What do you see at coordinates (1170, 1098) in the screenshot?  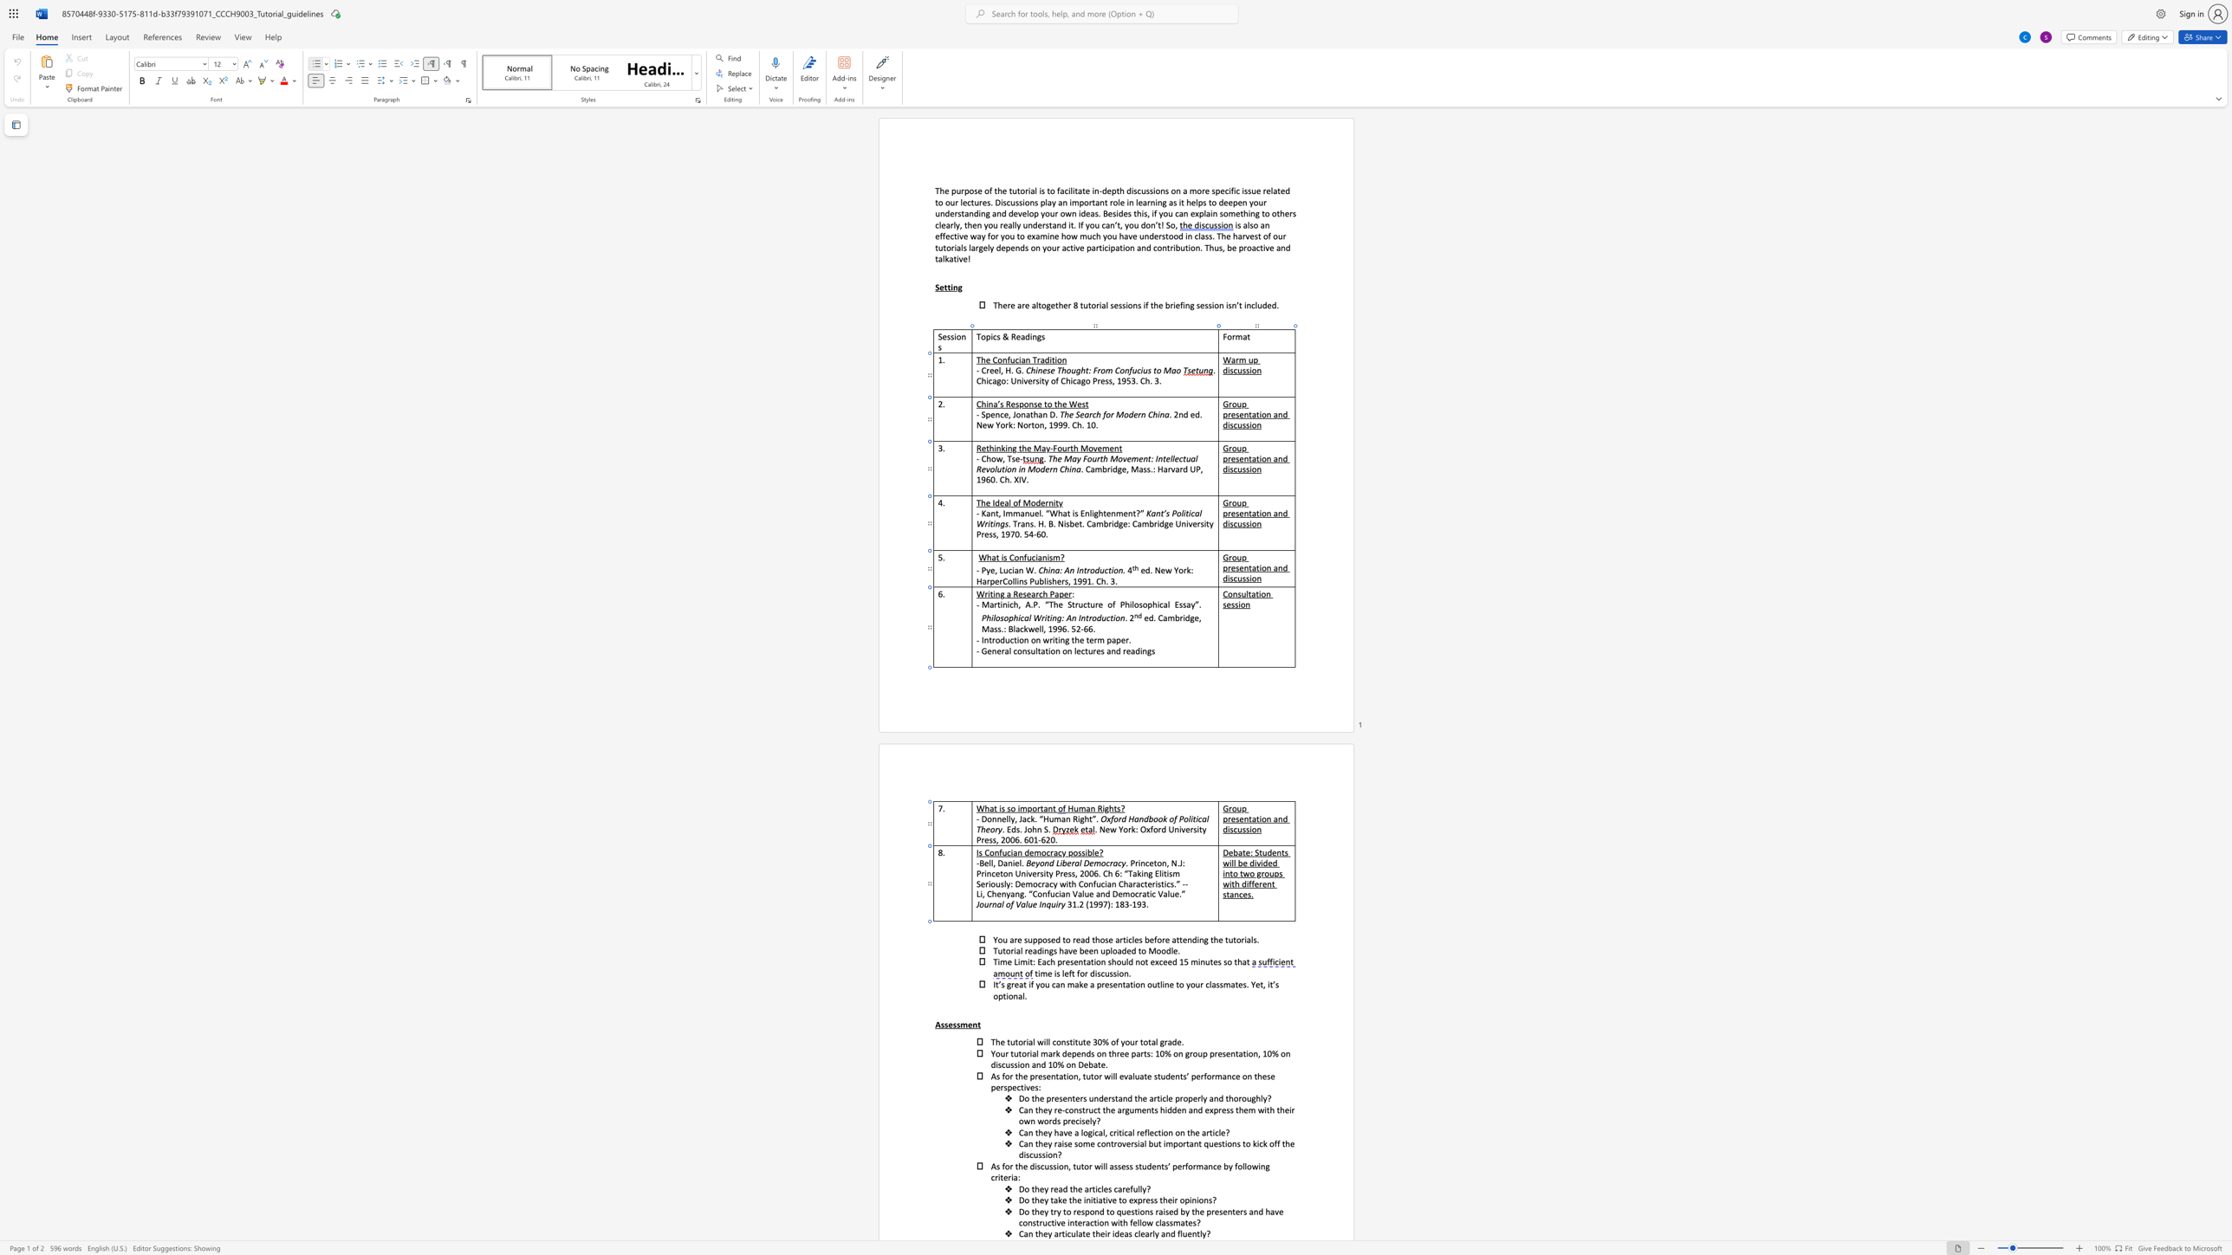 I see `the 7th character "e" in the text` at bounding box center [1170, 1098].